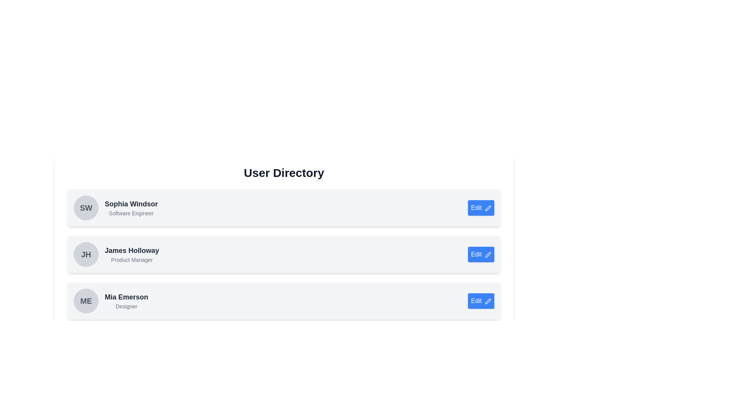 This screenshot has width=745, height=419. I want to click on the Text element displaying the name 'Mia Emerson' and job title 'Designer', which is the last item in the User Directory, positioned to the right of the circular avatar labeled 'ME', so click(126, 300).